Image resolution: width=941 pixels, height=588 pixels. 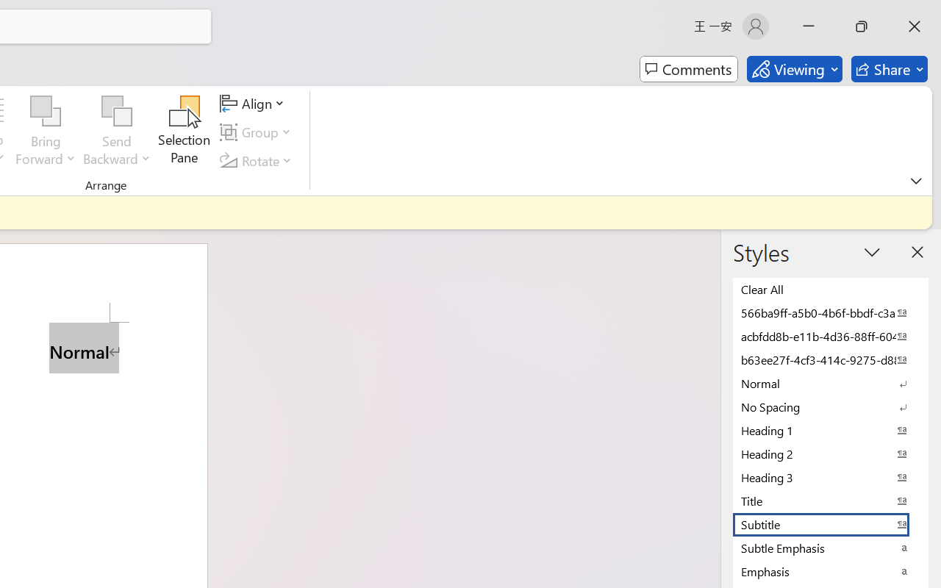 What do you see at coordinates (116, 132) in the screenshot?
I see `'Send Backward'` at bounding box center [116, 132].